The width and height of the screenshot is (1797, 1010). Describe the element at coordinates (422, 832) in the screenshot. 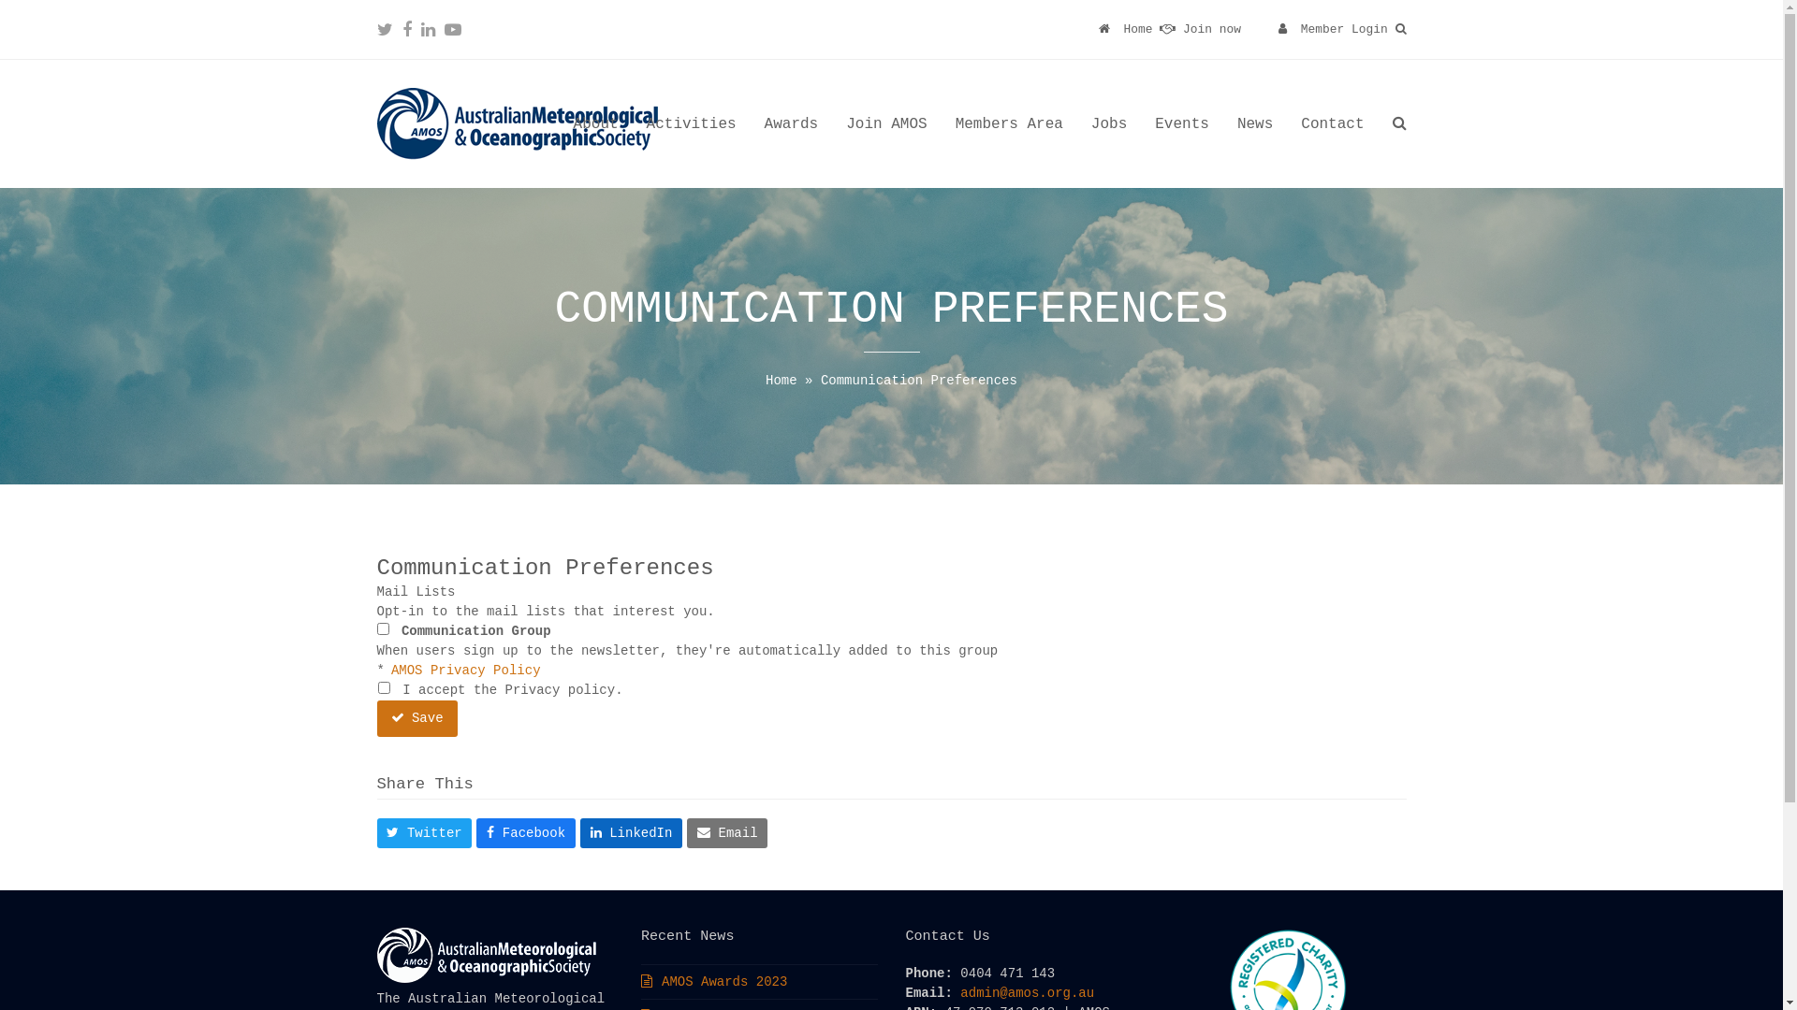

I see `'Twitter'` at that location.